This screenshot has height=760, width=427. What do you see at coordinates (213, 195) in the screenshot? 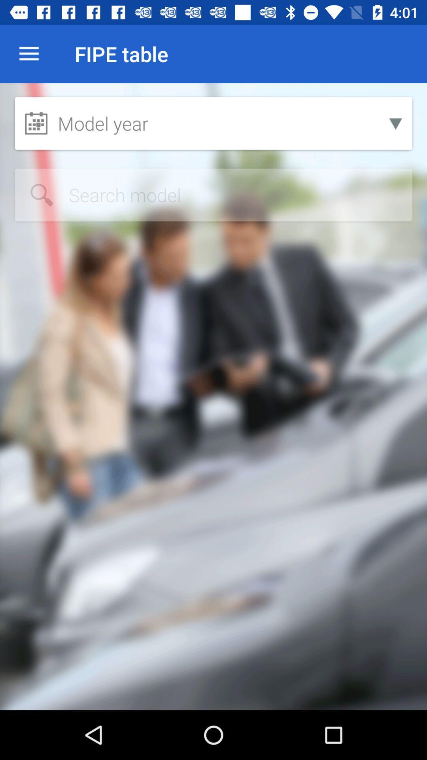
I see `search car model` at bounding box center [213, 195].